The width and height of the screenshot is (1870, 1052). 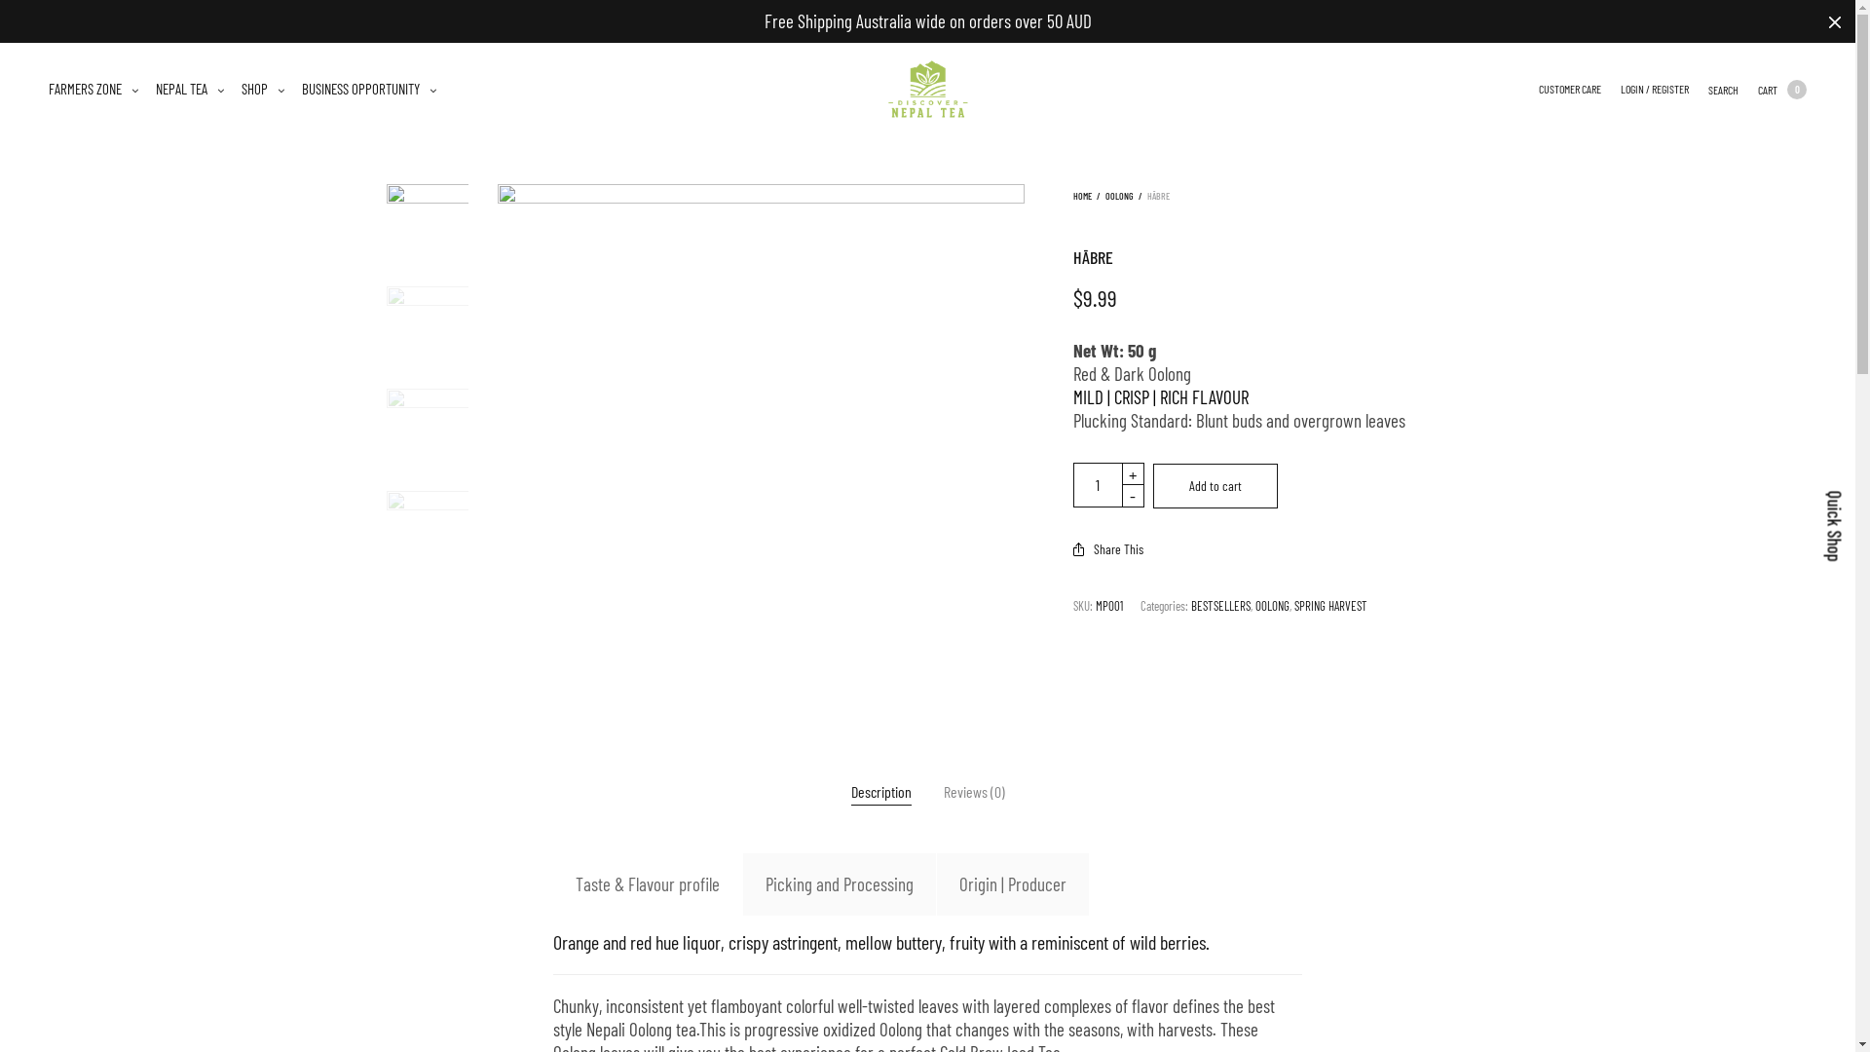 I want to click on 'FARMERS ZONE', so click(x=93, y=89).